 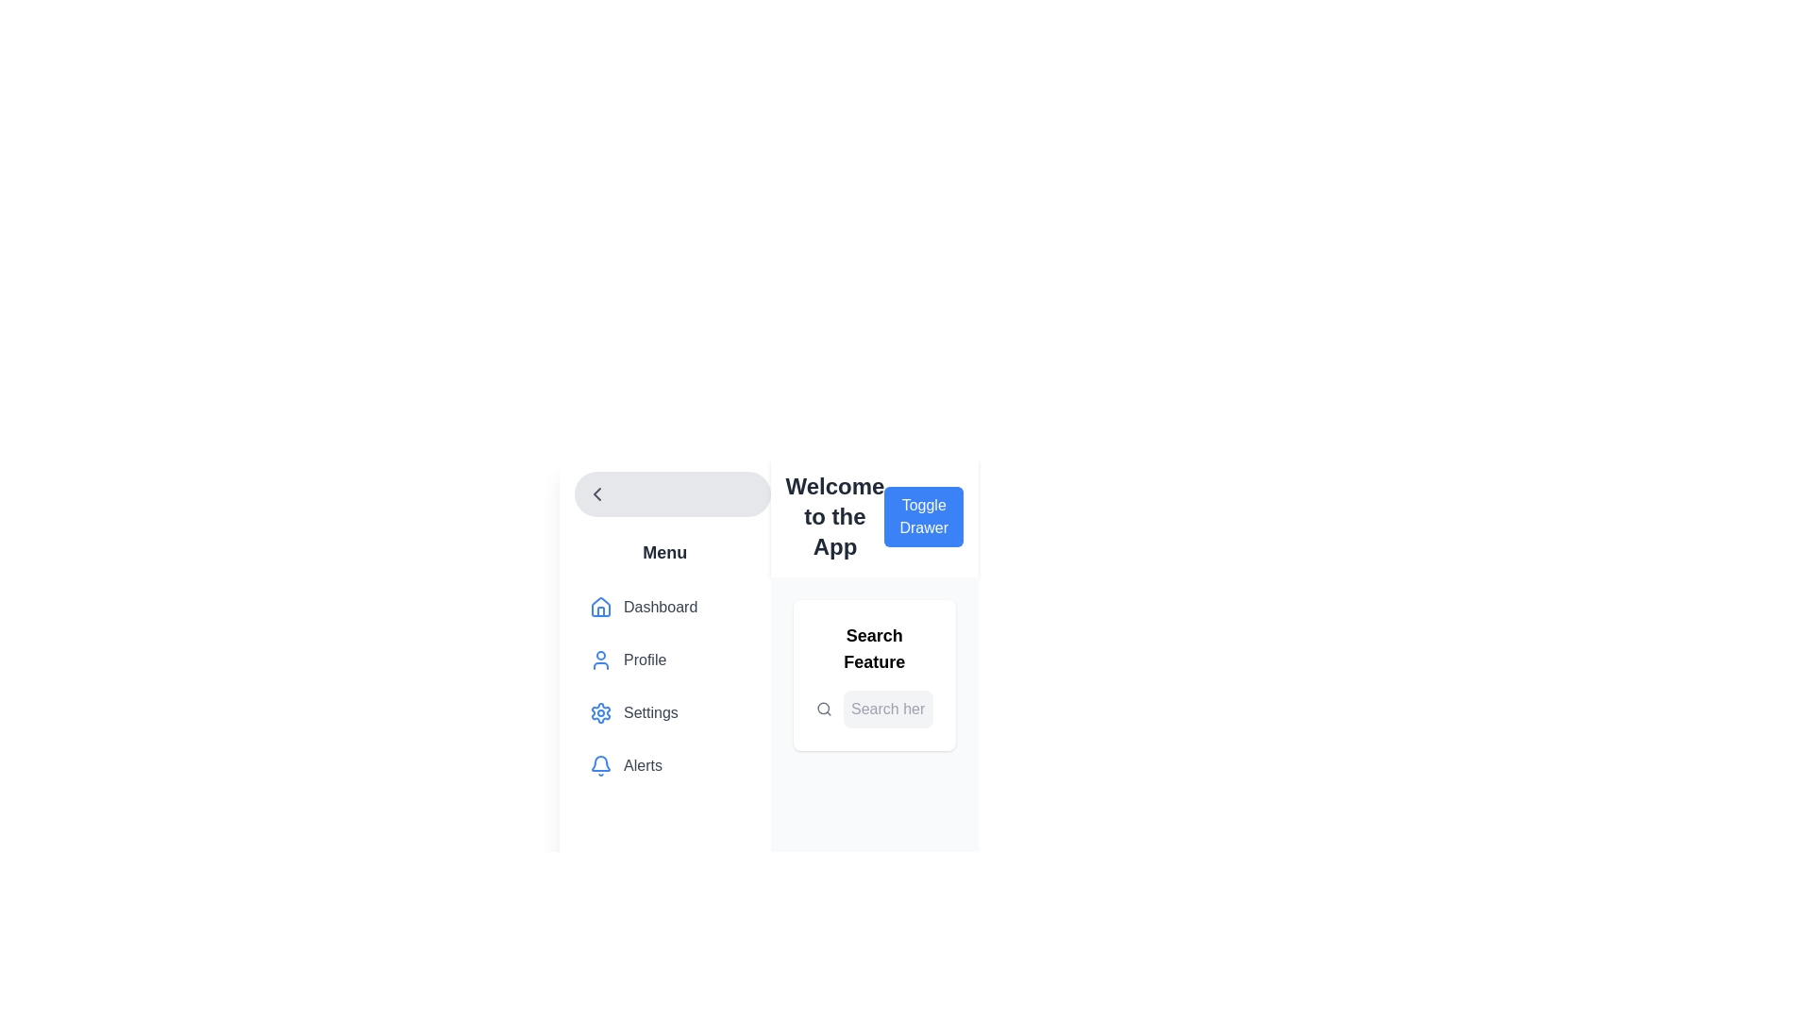 What do you see at coordinates (824, 710) in the screenshot?
I see `the magnifying glass icon, which is a common symbol for search functionality, to associate it with the nearby text input field labeled 'Search here...' as an intuitive cue for searching` at bounding box center [824, 710].